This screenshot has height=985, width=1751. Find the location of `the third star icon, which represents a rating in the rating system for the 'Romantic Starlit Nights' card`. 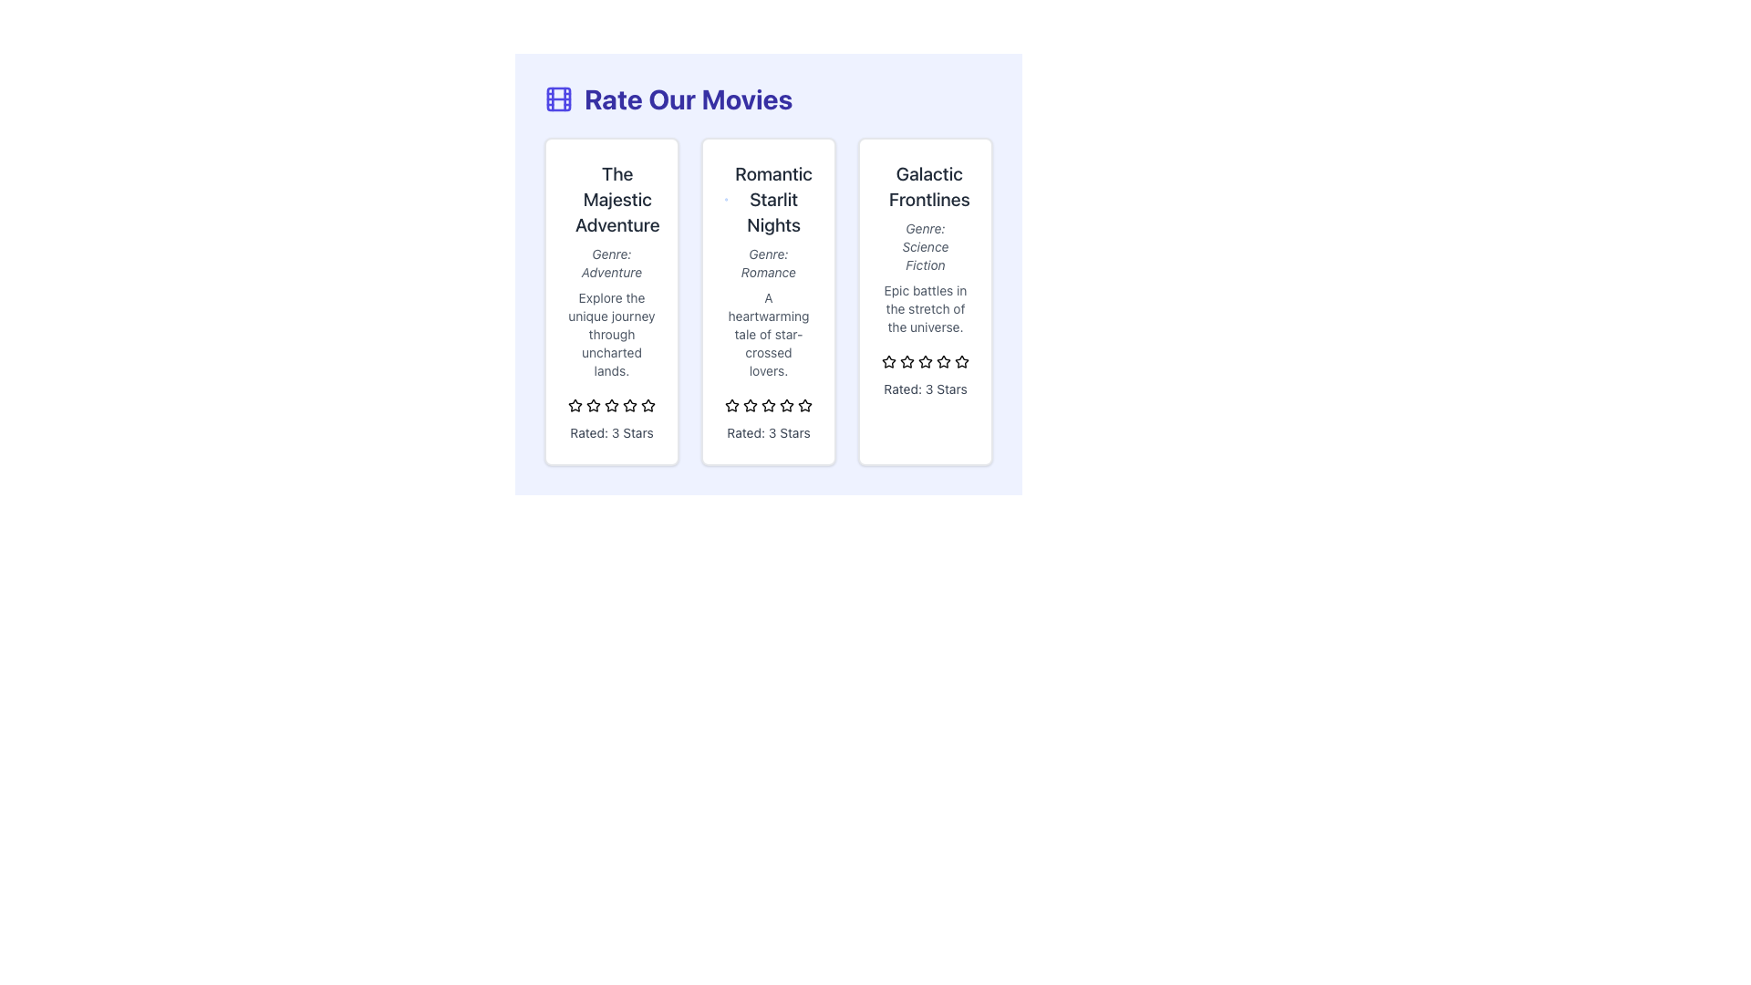

the third star icon, which represents a rating in the rating system for the 'Romantic Starlit Nights' card is located at coordinates (769, 404).